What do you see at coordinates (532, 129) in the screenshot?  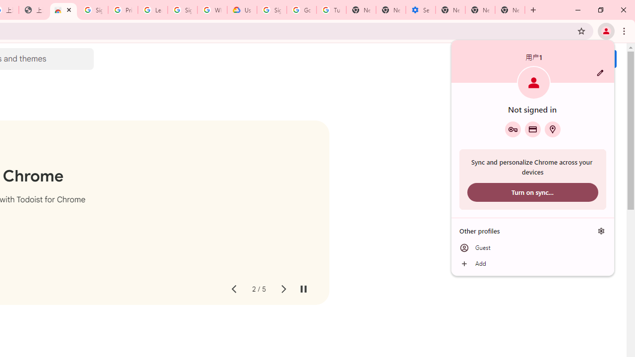 I see `'Payment methods'` at bounding box center [532, 129].